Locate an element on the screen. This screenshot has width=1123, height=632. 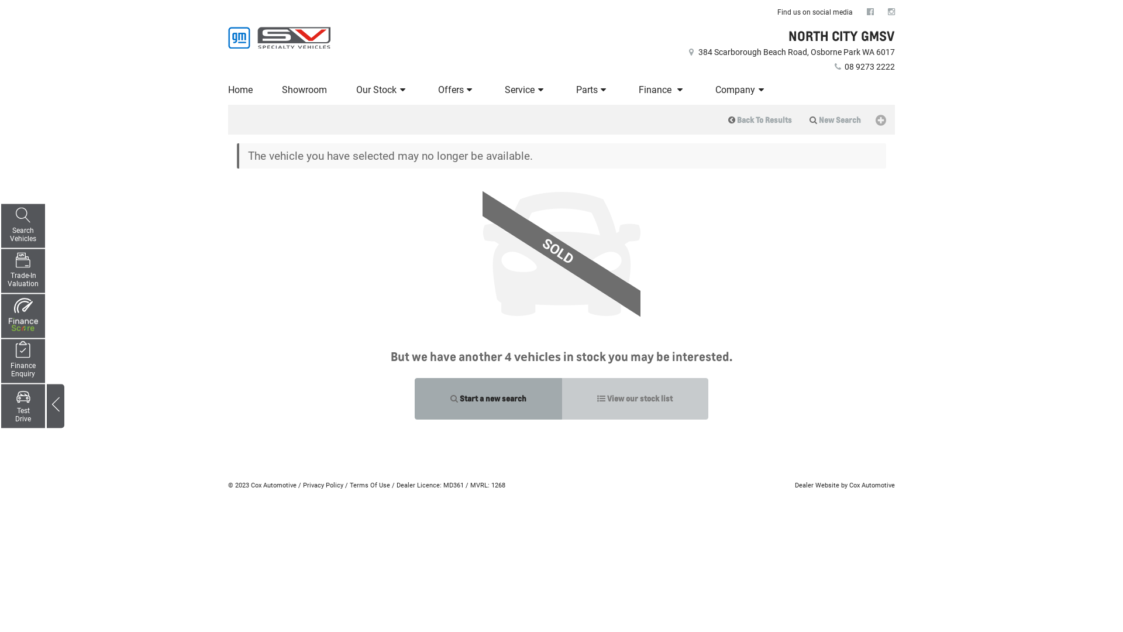
'Home' is located at coordinates (241, 90).